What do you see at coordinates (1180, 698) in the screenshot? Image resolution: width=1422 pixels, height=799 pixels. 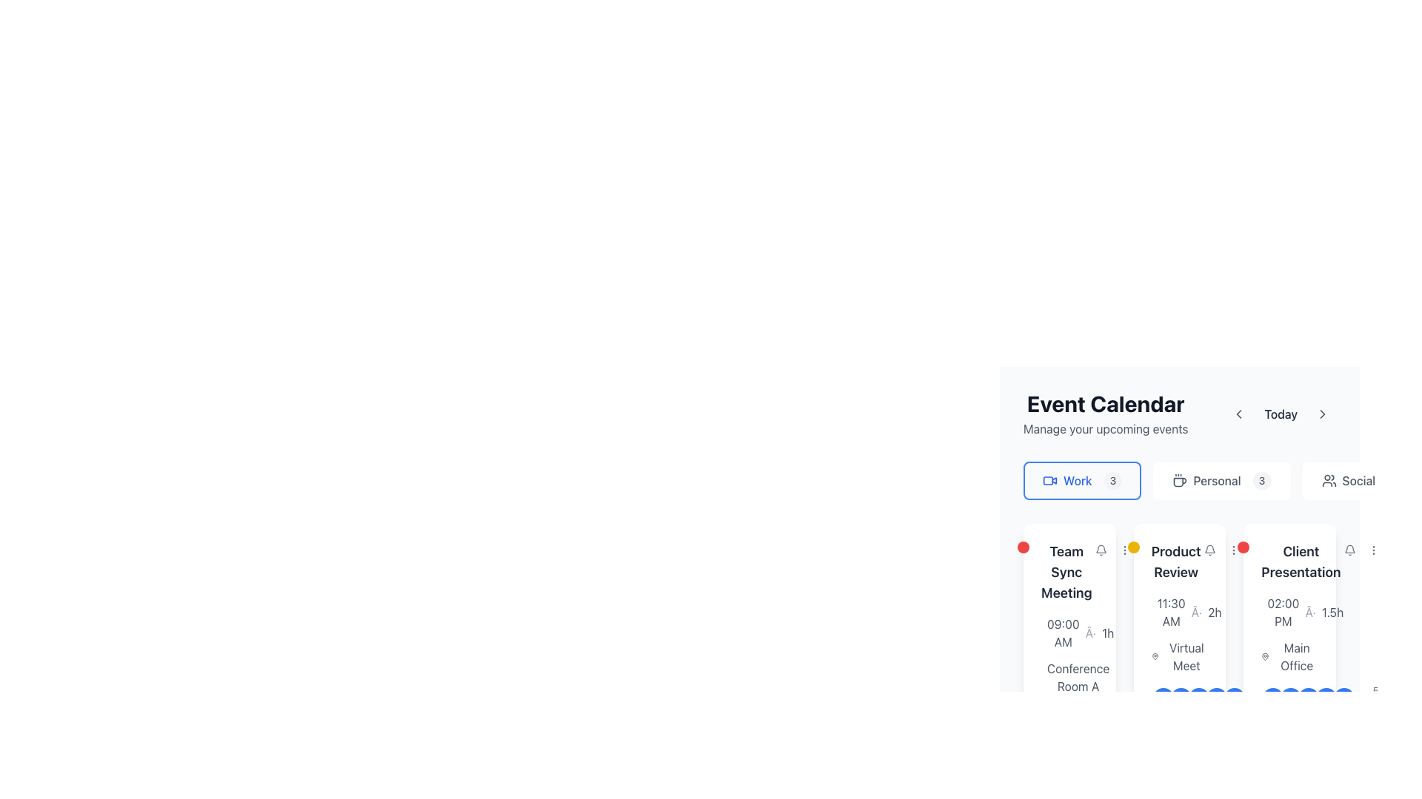 I see `the static text content that serves as a visual label within a circular decorative component located towards the bottom-right section of the main interface` at bounding box center [1180, 698].